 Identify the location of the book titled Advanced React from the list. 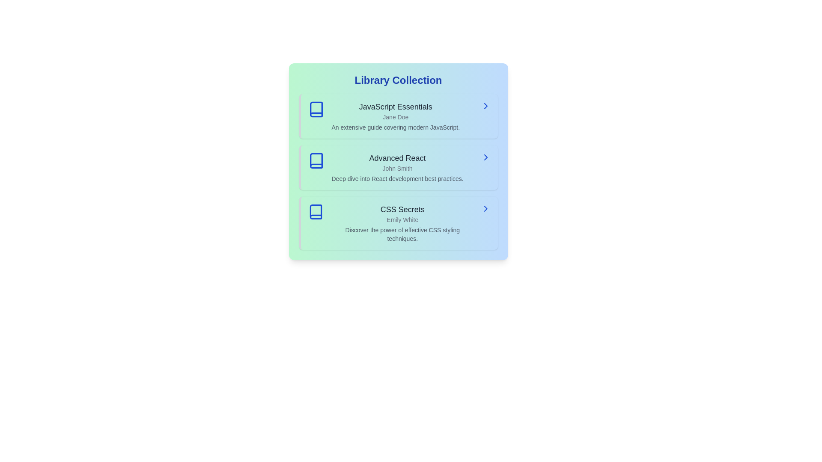
(398, 168).